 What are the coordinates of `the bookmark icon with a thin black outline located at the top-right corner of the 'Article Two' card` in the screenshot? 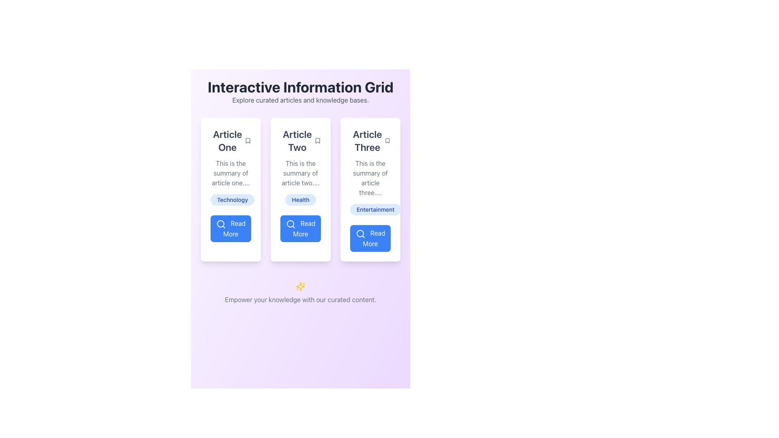 It's located at (317, 140).